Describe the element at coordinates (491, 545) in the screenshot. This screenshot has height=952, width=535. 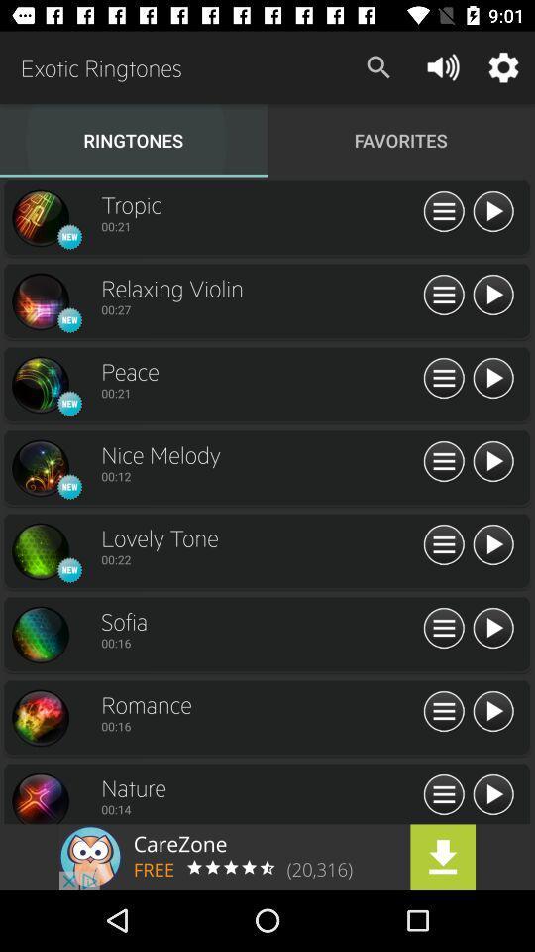
I see `this` at that location.